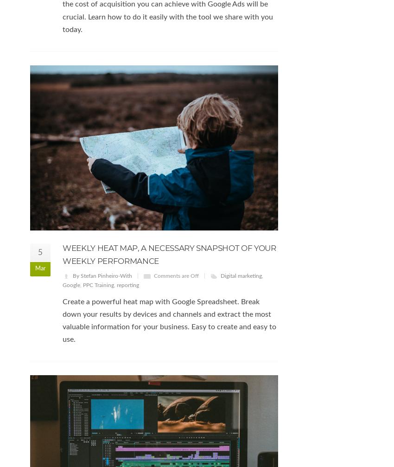 The height and width of the screenshot is (467, 394). Describe the element at coordinates (102, 275) in the screenshot. I see `'By  Stefan Pinheiro-With'` at that location.